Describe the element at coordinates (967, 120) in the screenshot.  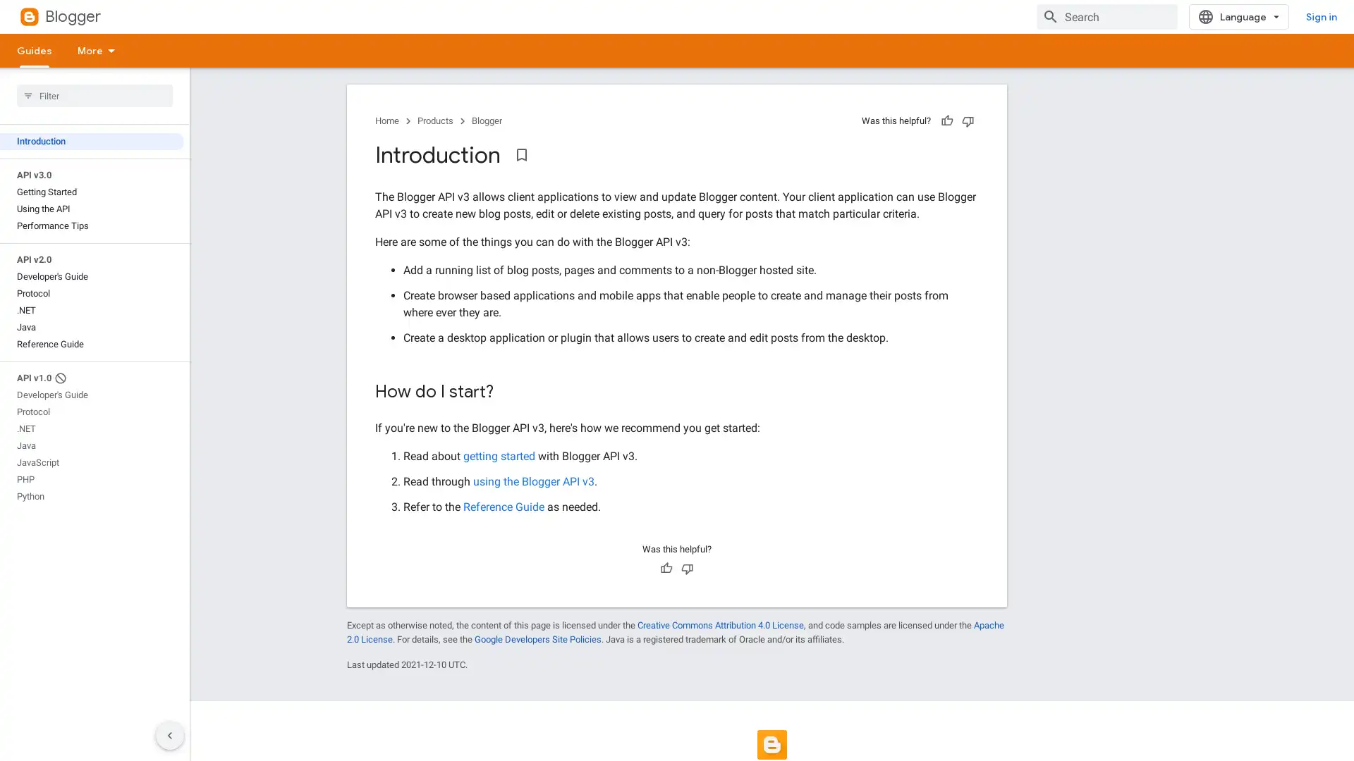
I see `Not helpful` at that location.